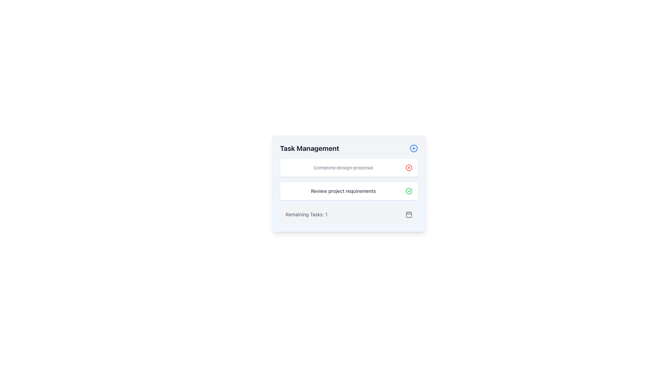 The width and height of the screenshot is (661, 372). I want to click on the task within the checklist in the task management module, so click(349, 179).